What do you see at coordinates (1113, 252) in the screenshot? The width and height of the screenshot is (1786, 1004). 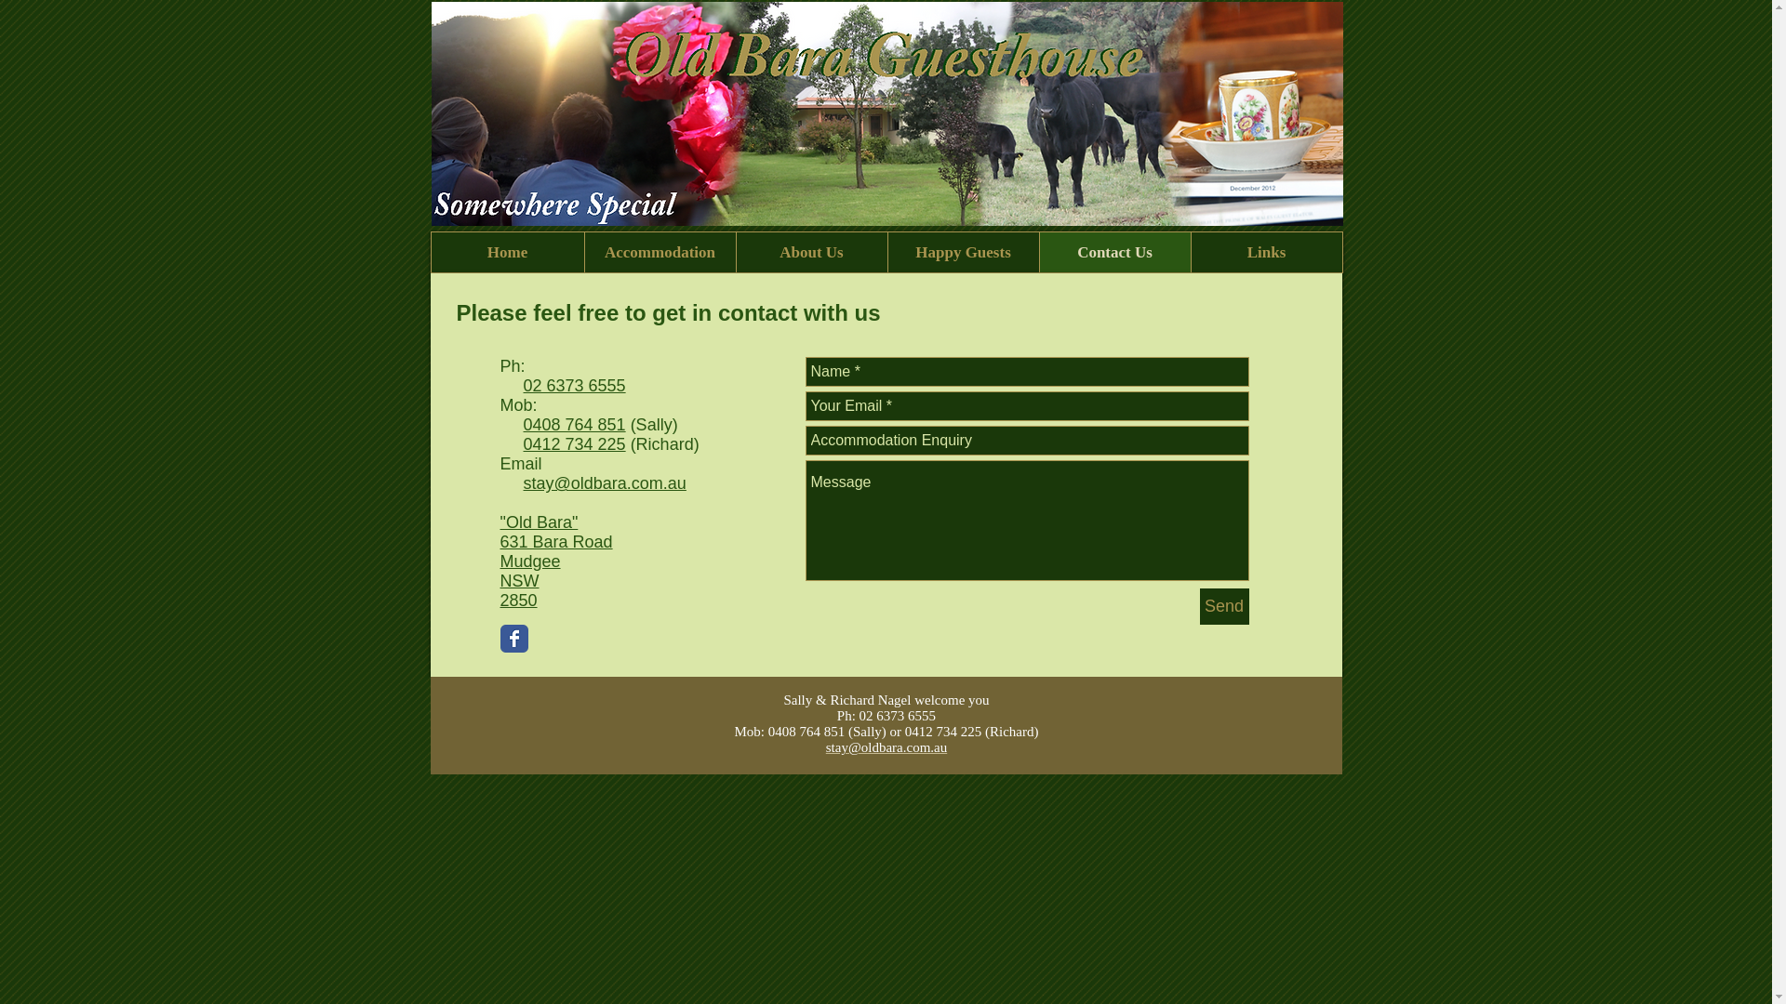 I see `'Contact Us'` at bounding box center [1113, 252].